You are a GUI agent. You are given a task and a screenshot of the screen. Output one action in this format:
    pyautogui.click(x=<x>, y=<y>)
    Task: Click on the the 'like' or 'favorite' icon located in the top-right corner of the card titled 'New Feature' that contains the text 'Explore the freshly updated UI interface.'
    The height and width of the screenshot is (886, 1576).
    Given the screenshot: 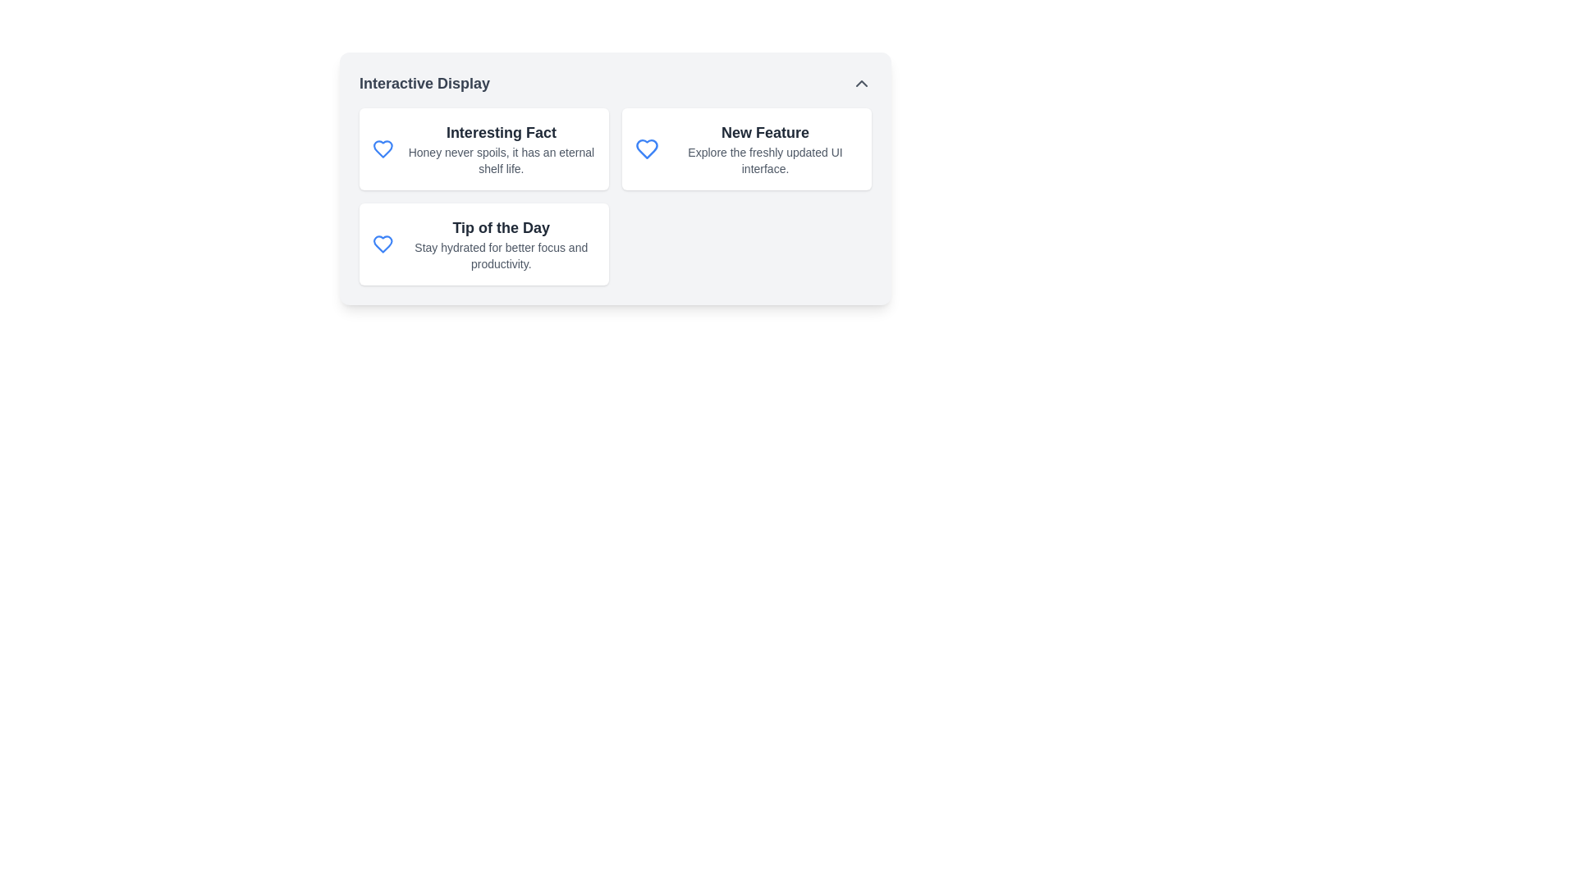 What is the action you would take?
    pyautogui.click(x=646, y=148)
    